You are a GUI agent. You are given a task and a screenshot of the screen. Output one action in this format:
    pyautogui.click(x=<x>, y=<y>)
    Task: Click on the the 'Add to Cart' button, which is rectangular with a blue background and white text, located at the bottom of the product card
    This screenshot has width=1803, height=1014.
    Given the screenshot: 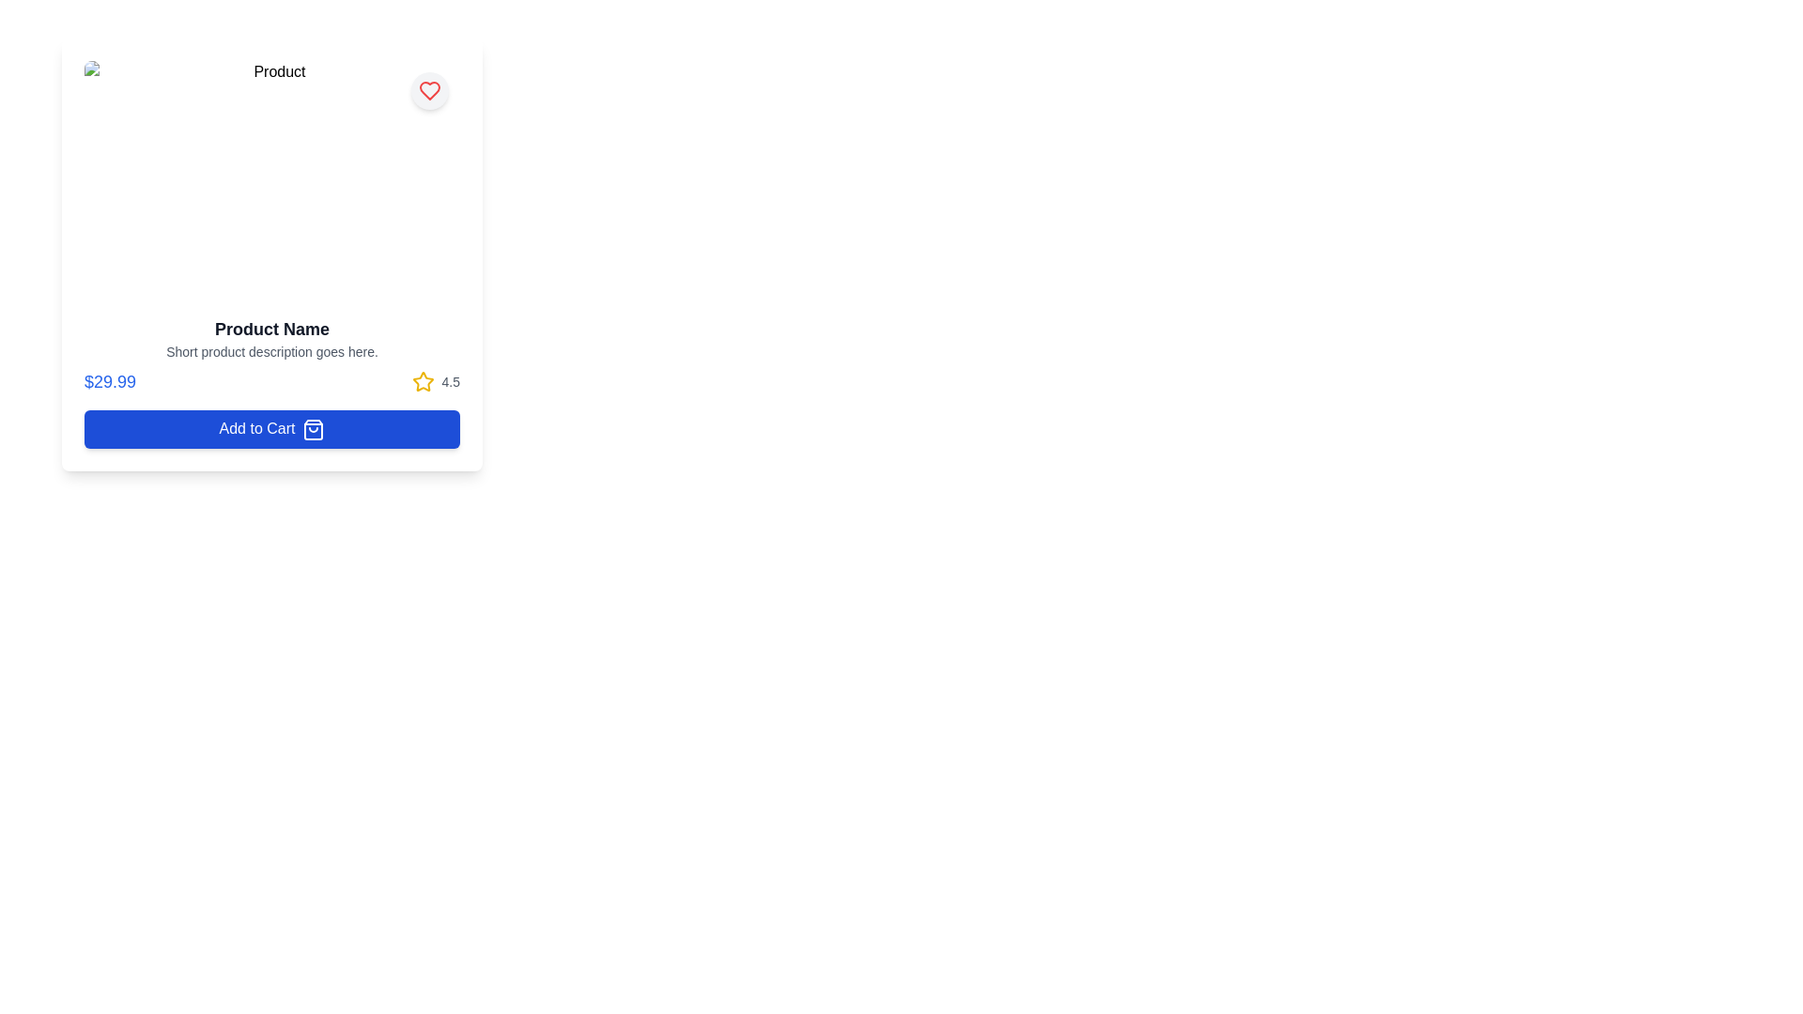 What is the action you would take?
    pyautogui.click(x=270, y=428)
    